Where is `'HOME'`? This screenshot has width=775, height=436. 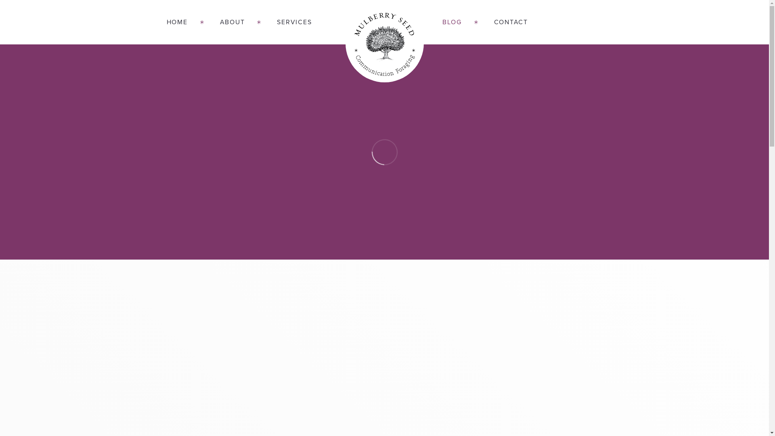
'HOME' is located at coordinates (184, 21).